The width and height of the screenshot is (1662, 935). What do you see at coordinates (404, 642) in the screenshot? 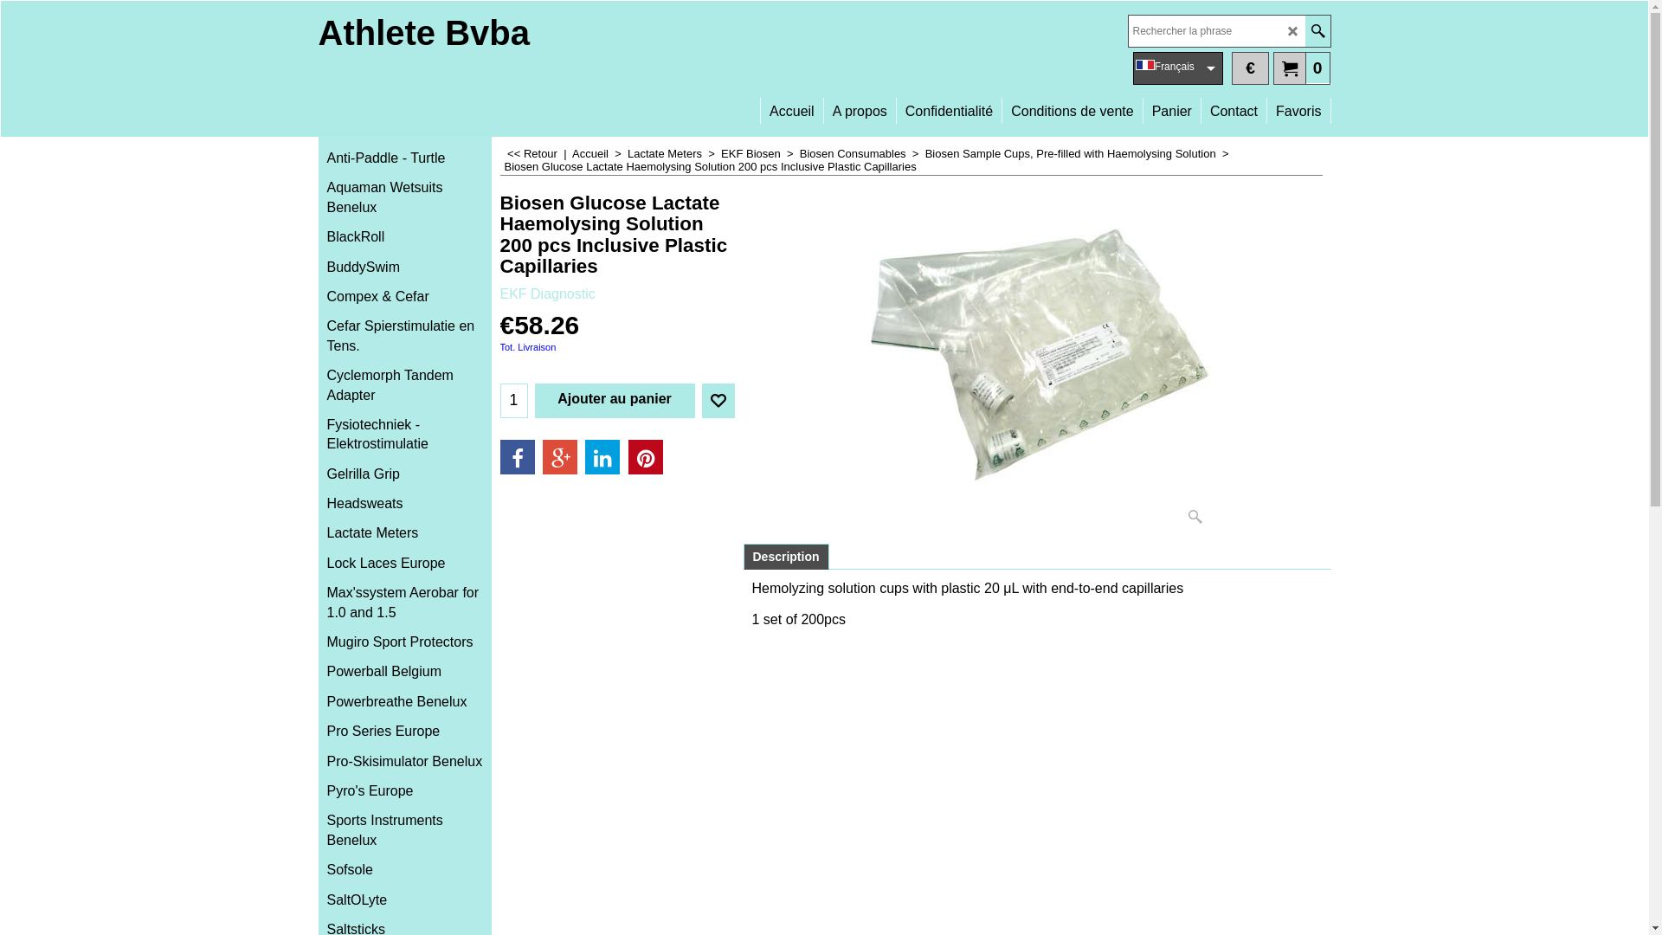
I see `'Mugiro Sport Protectors'` at bounding box center [404, 642].